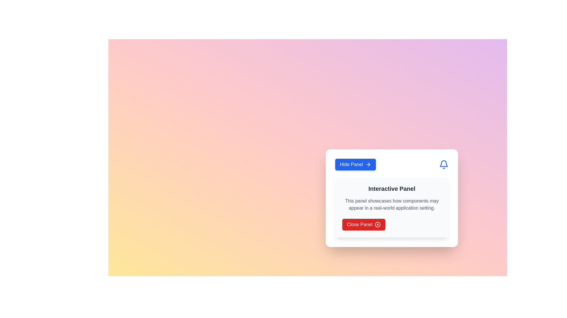 The width and height of the screenshot is (567, 318). Describe the element at coordinates (364, 225) in the screenshot. I see `the button designed to trigger the closure of the surrounding panel for accessibility navigation` at that location.